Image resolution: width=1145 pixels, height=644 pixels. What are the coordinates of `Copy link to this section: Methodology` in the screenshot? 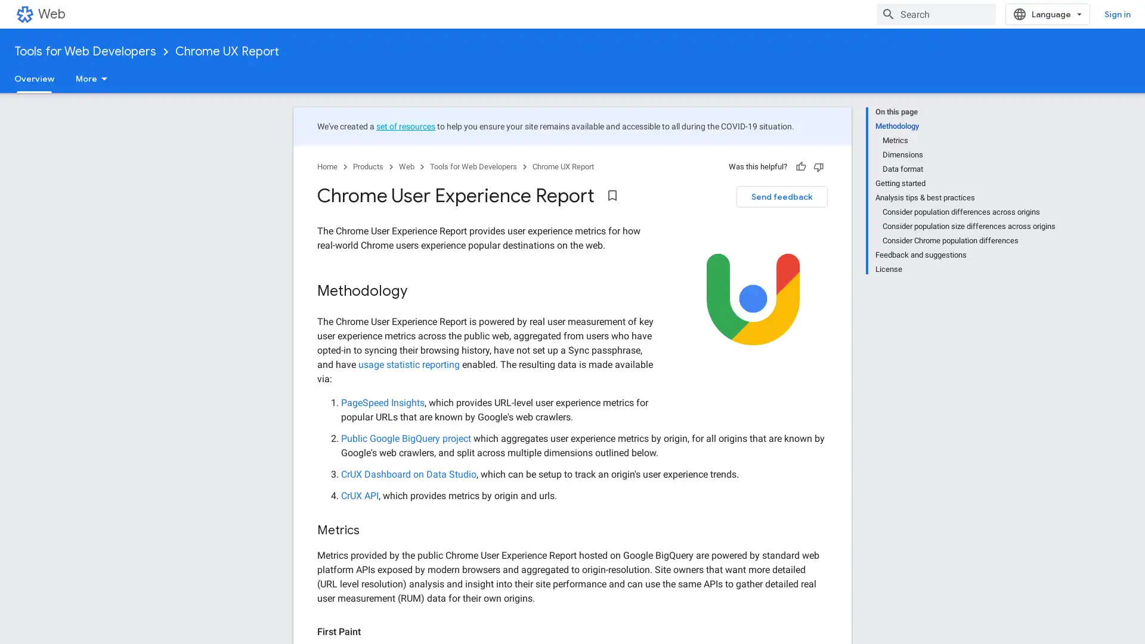 It's located at (420, 292).